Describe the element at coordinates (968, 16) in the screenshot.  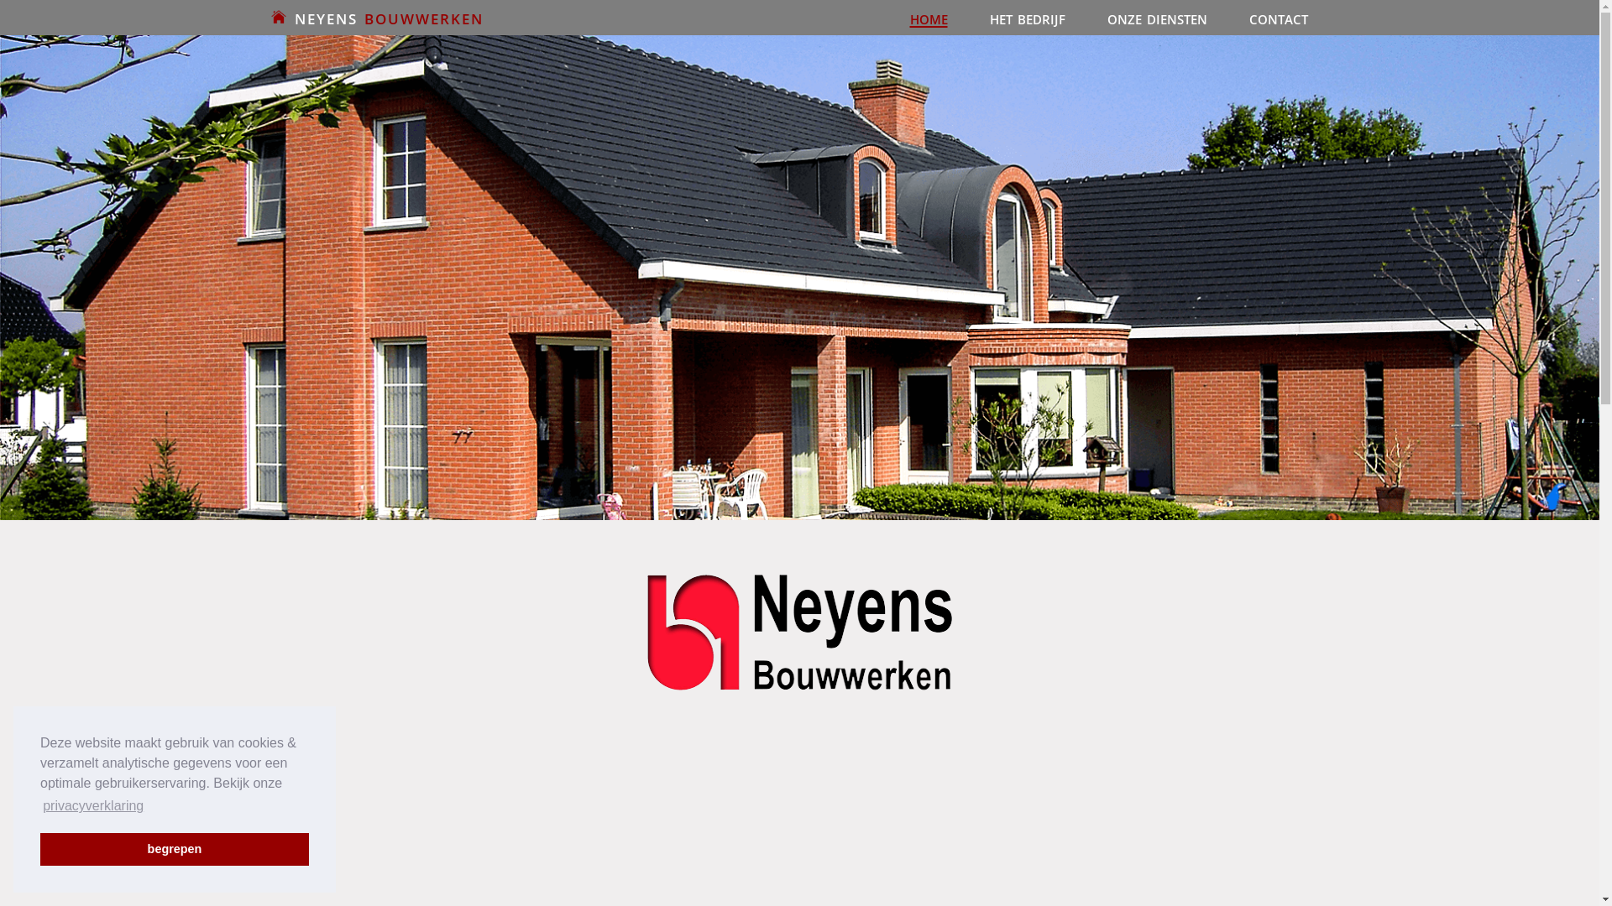
I see `'het bedrijf'` at that location.